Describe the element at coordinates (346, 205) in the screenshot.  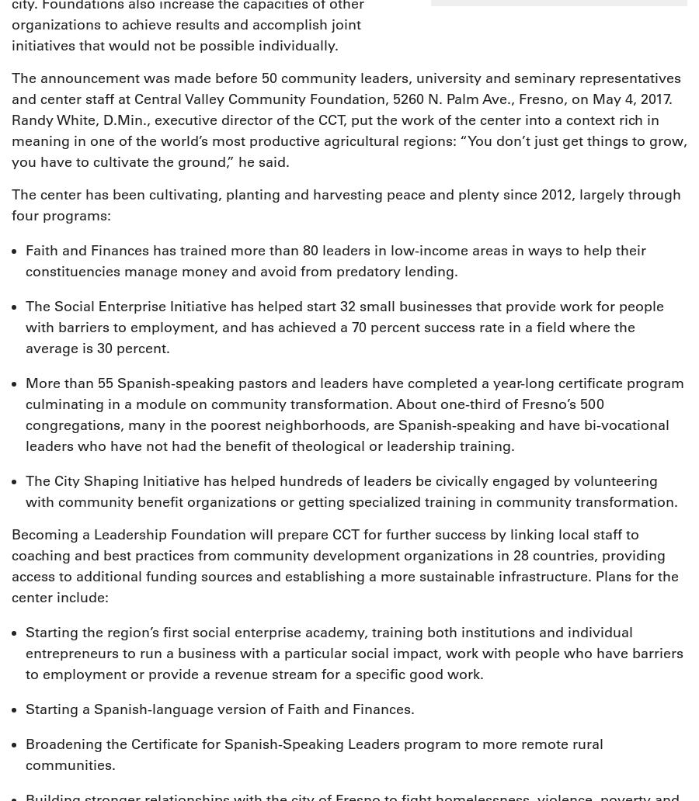
I see `'The center has been cultivating, planting and harvesting peace and plenty since 2012, largely through four programs:'` at that location.